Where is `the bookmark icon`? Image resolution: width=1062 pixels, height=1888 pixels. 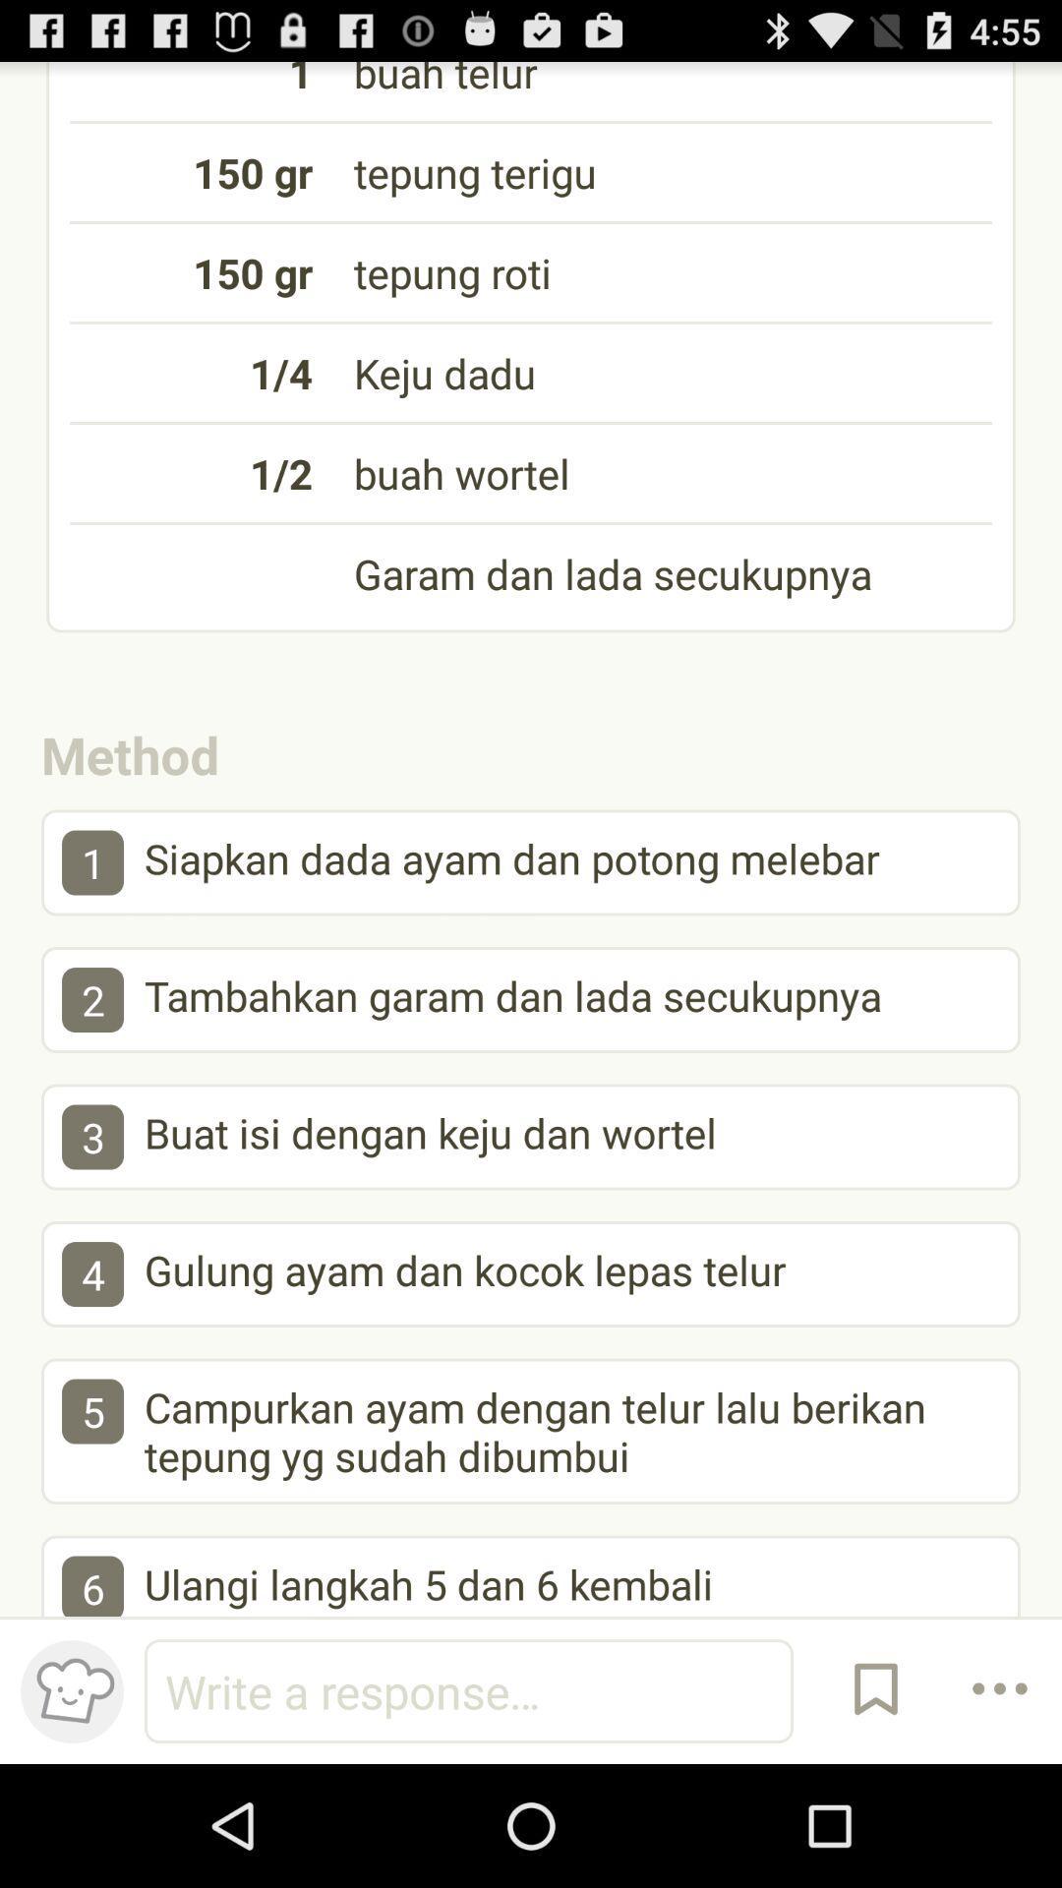 the bookmark icon is located at coordinates (875, 1809).